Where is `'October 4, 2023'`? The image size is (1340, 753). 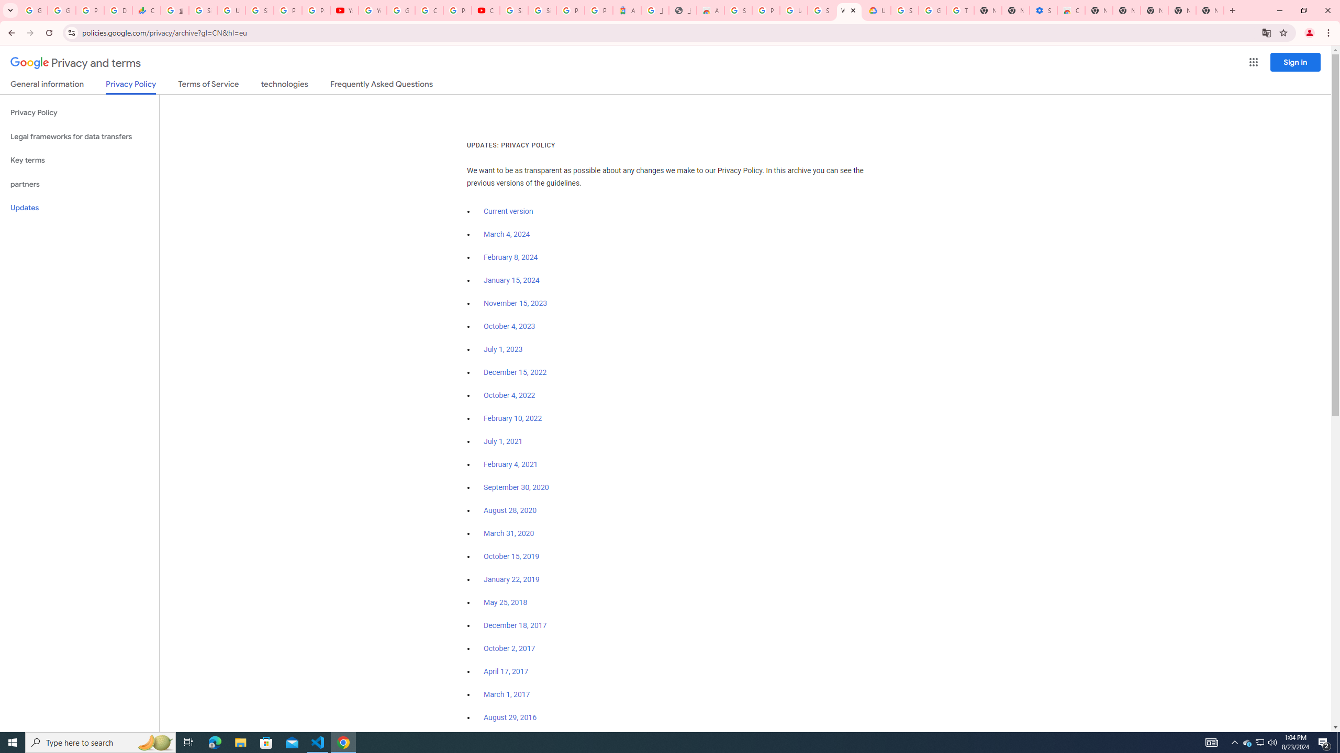
'October 4, 2023' is located at coordinates (510, 326).